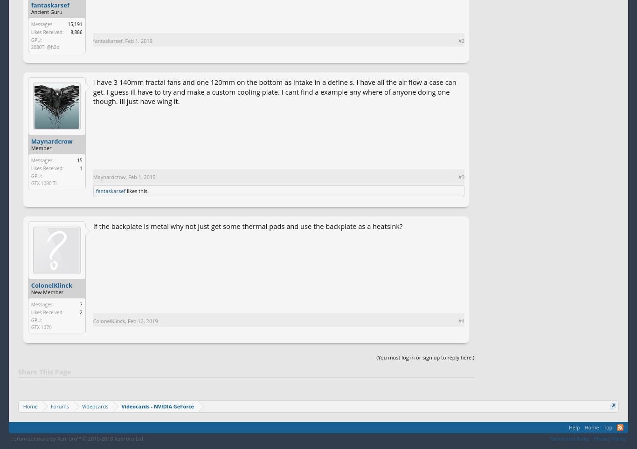 The width and height of the screenshot is (637, 449). I want to click on '7', so click(80, 304).